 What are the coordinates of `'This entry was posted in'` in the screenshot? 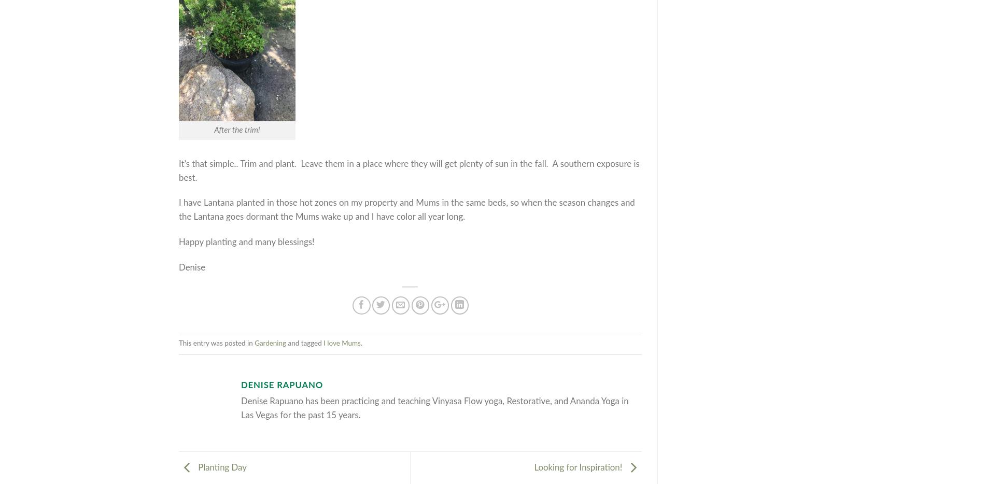 It's located at (216, 343).